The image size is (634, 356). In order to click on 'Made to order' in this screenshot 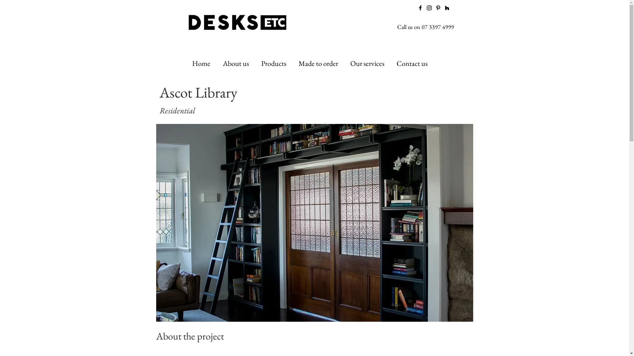, I will do `click(319, 63)`.